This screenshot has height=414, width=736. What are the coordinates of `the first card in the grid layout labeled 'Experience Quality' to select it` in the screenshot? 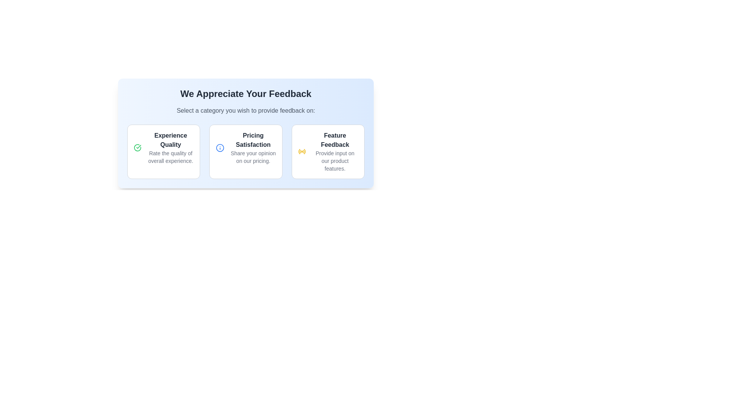 It's located at (163, 152).